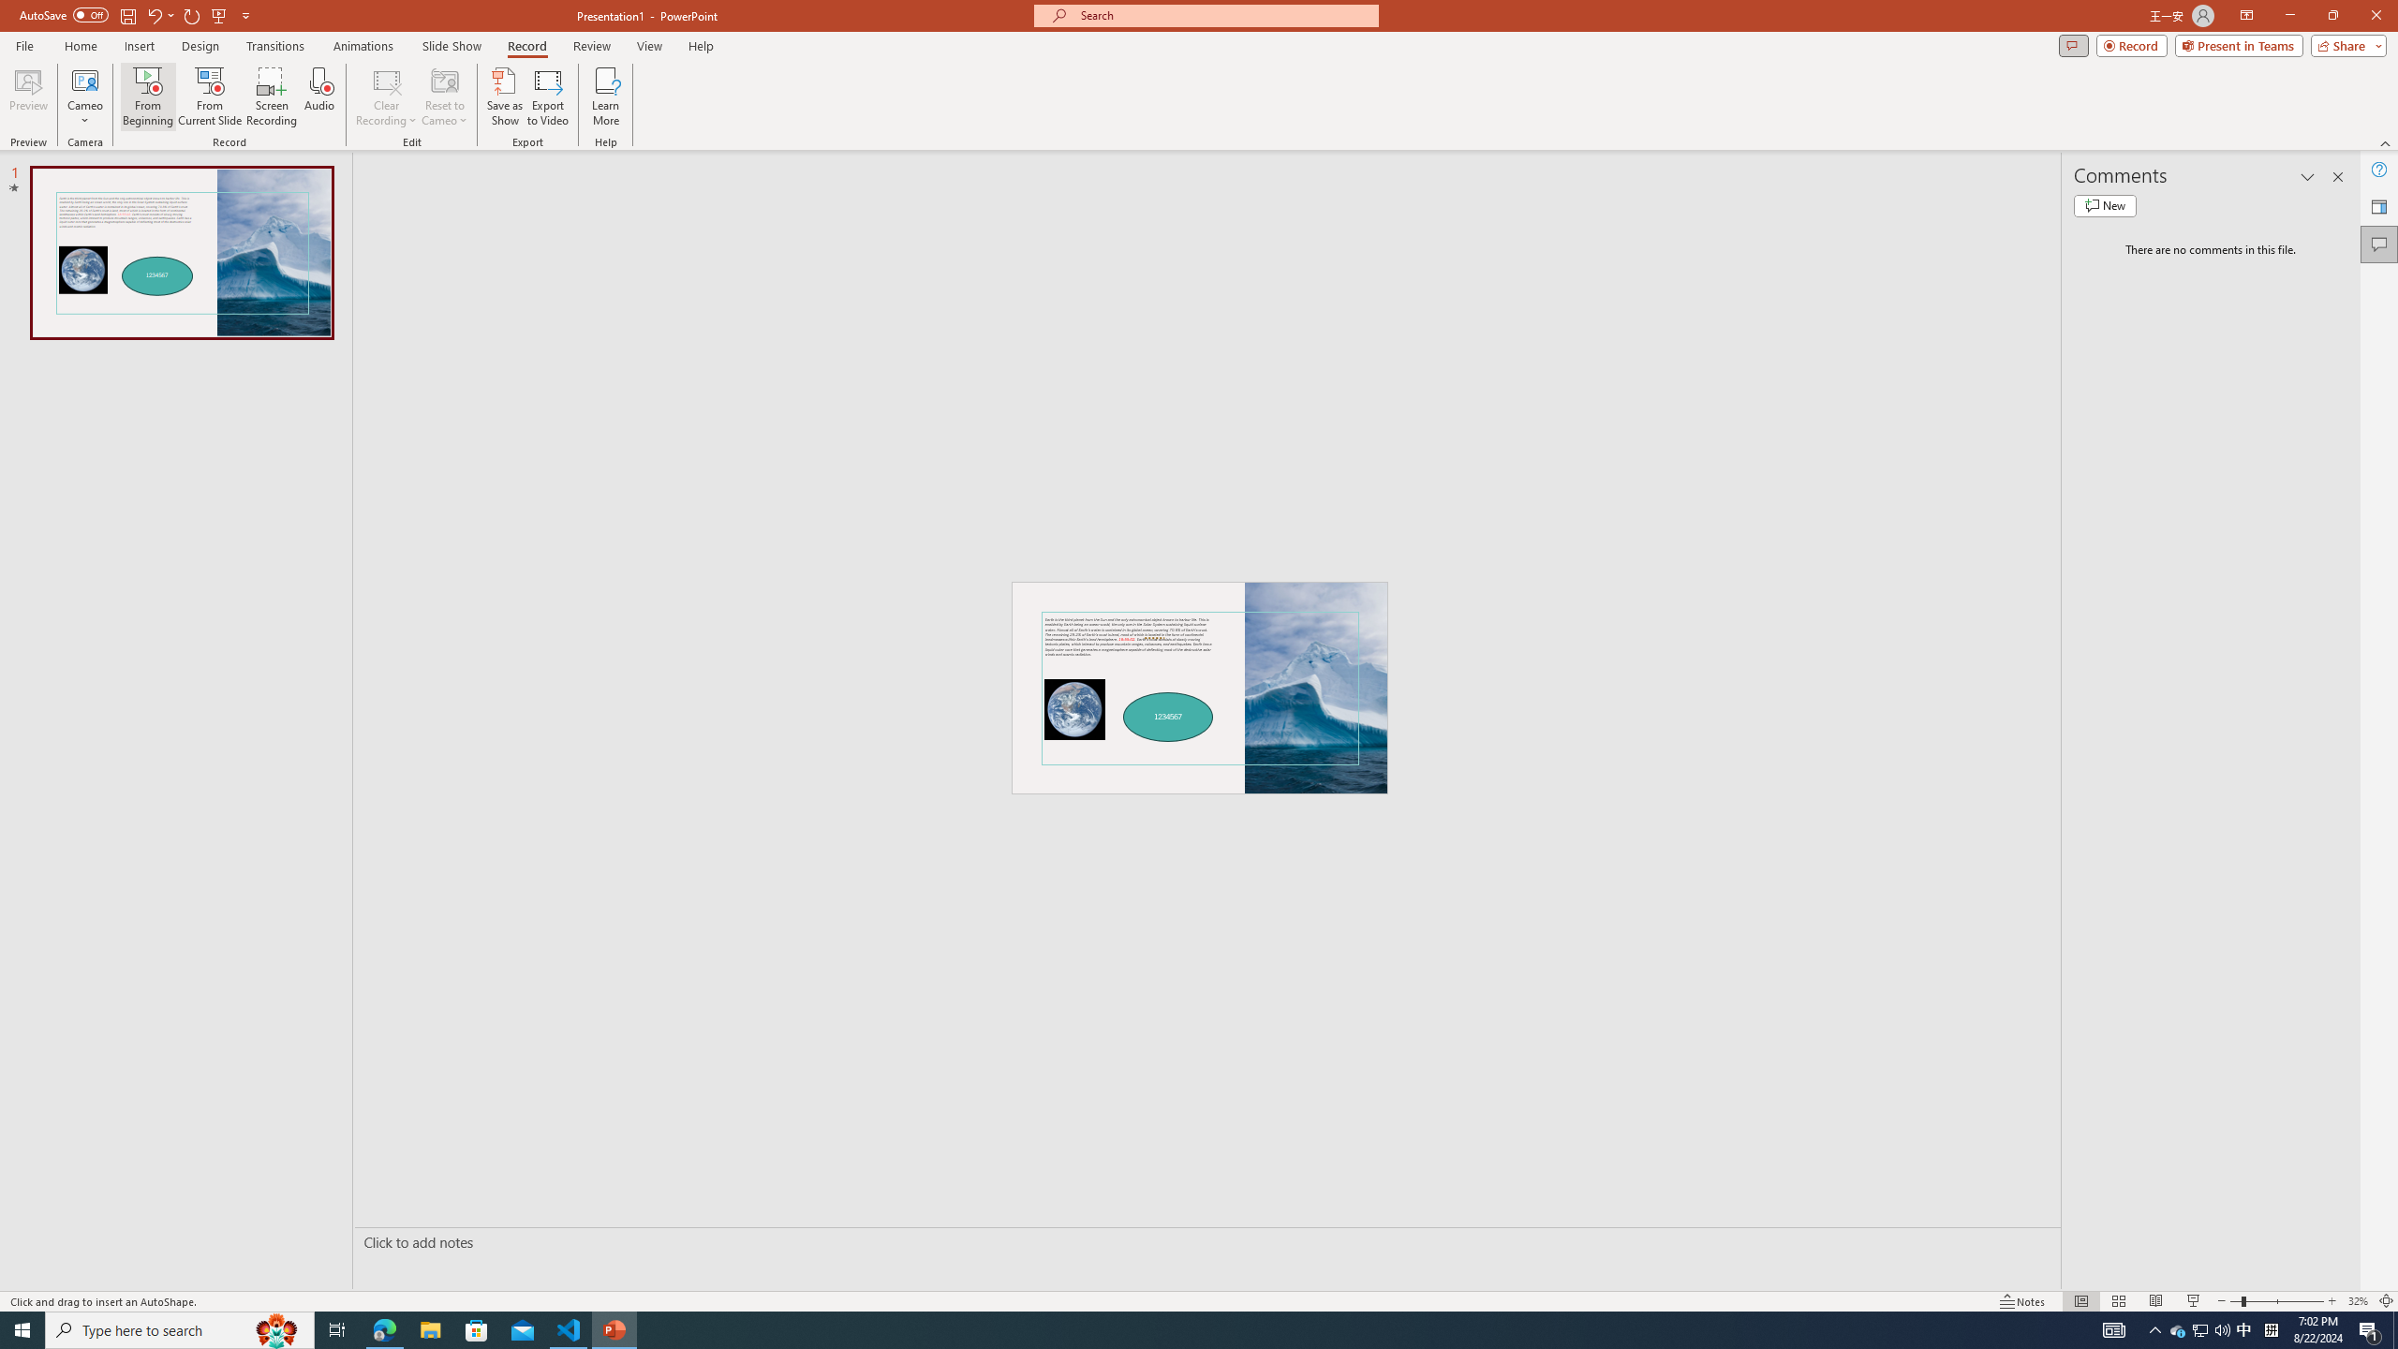  Describe the element at coordinates (386, 96) in the screenshot. I see `'Clear Recording'` at that location.